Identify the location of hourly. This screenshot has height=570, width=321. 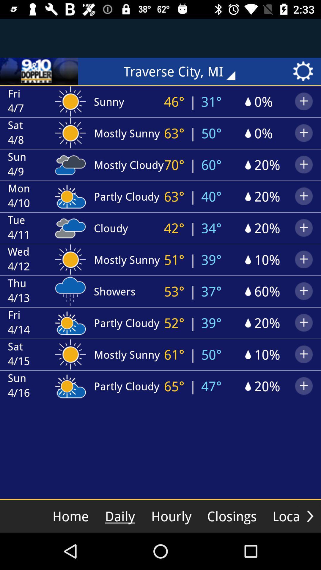
(171, 516).